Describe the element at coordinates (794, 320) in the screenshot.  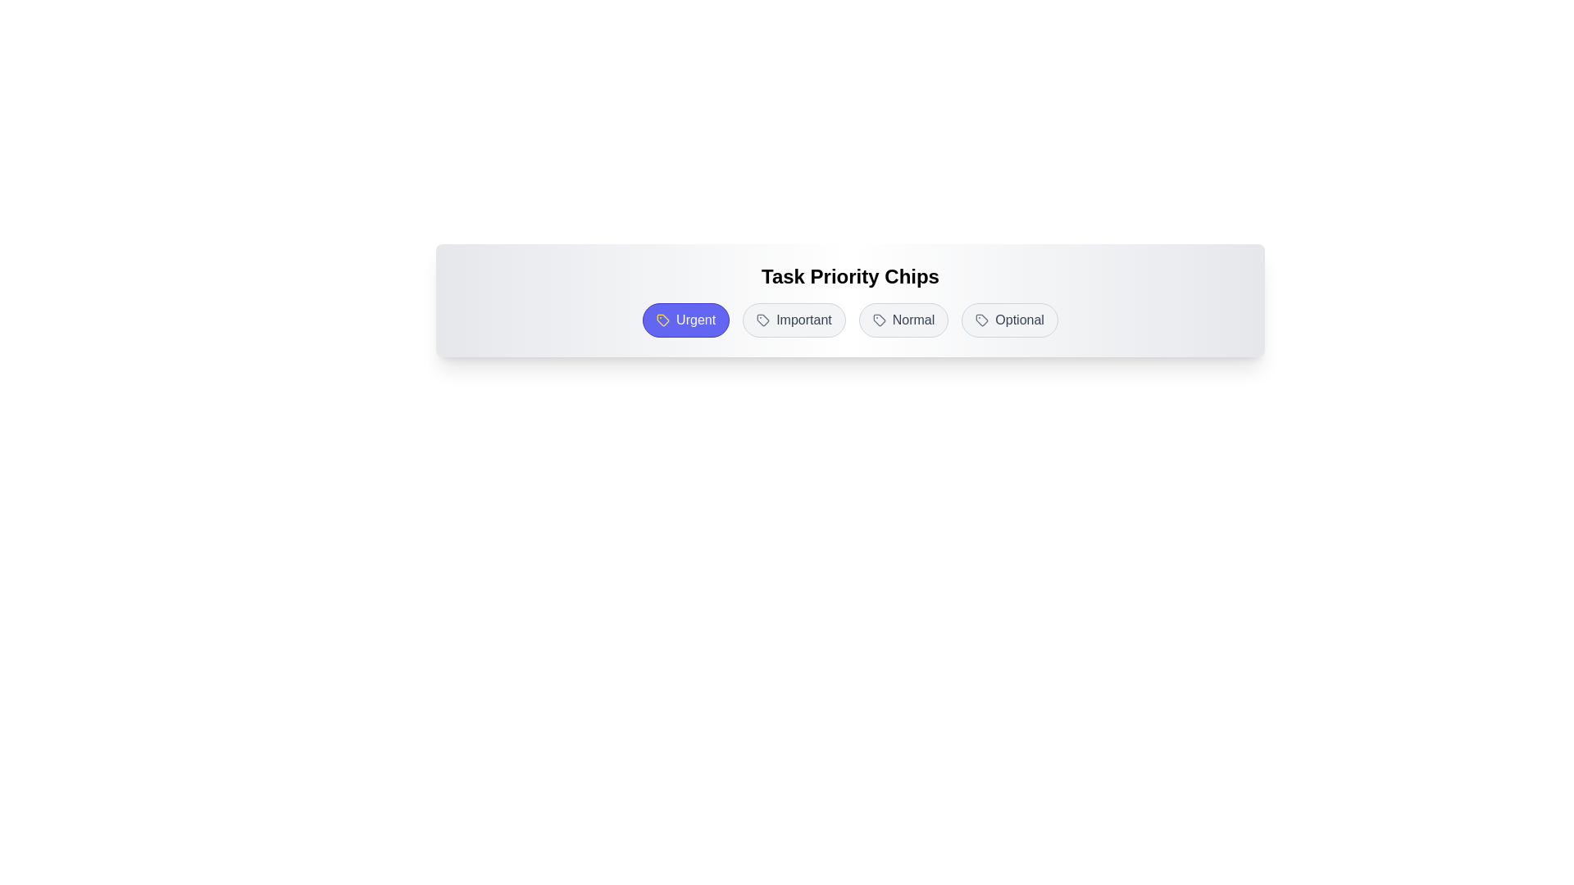
I see `the chip labeled Important` at that location.